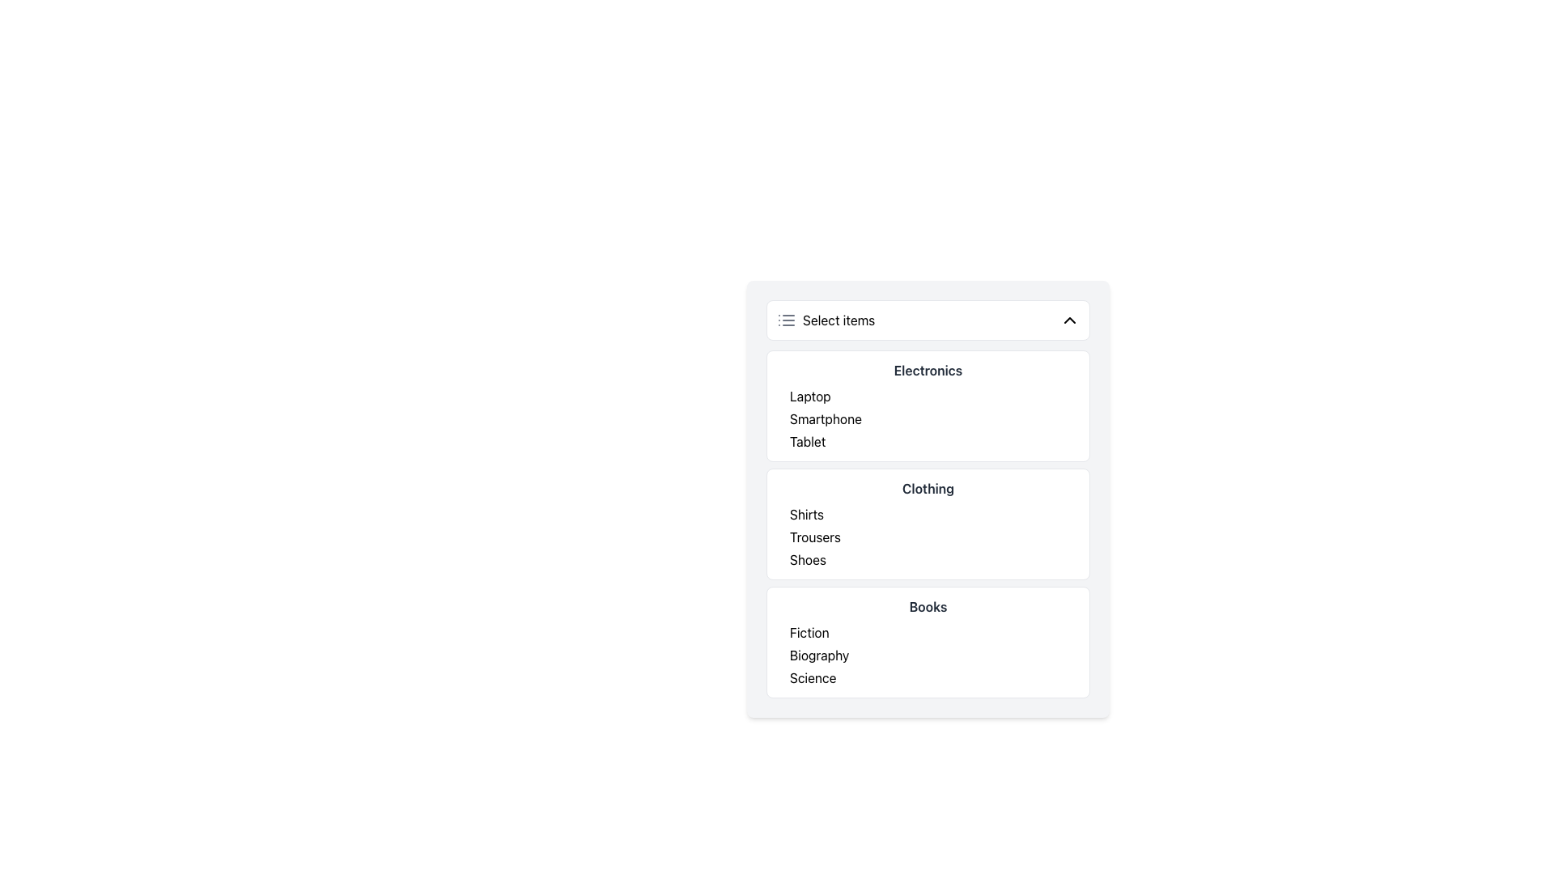  Describe the element at coordinates (935, 442) in the screenshot. I see `the 'Tablet' option in the selectable list under the 'Electronics' section` at that location.